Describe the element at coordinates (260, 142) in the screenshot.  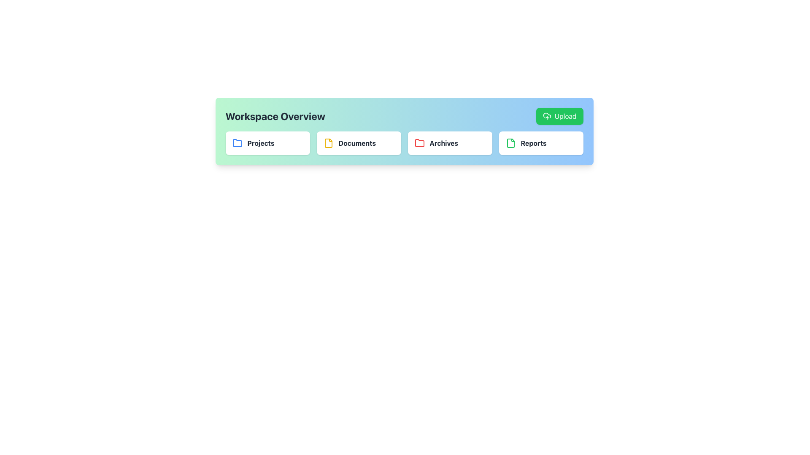
I see `the 'Projects' text label, which is positioned within a card structure to the right of a blue folder icon, serving as a heading in the 'Workspace Overview' section` at that location.